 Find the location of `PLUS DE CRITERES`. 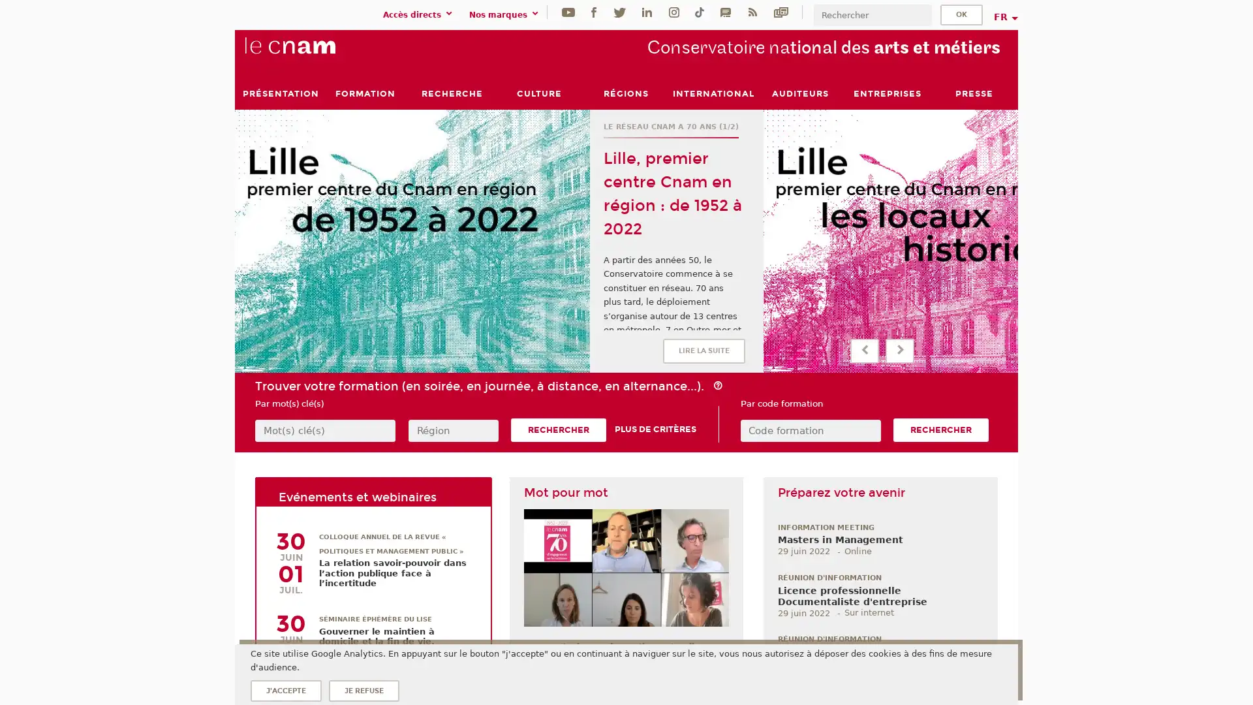

PLUS DE CRITERES is located at coordinates (655, 430).